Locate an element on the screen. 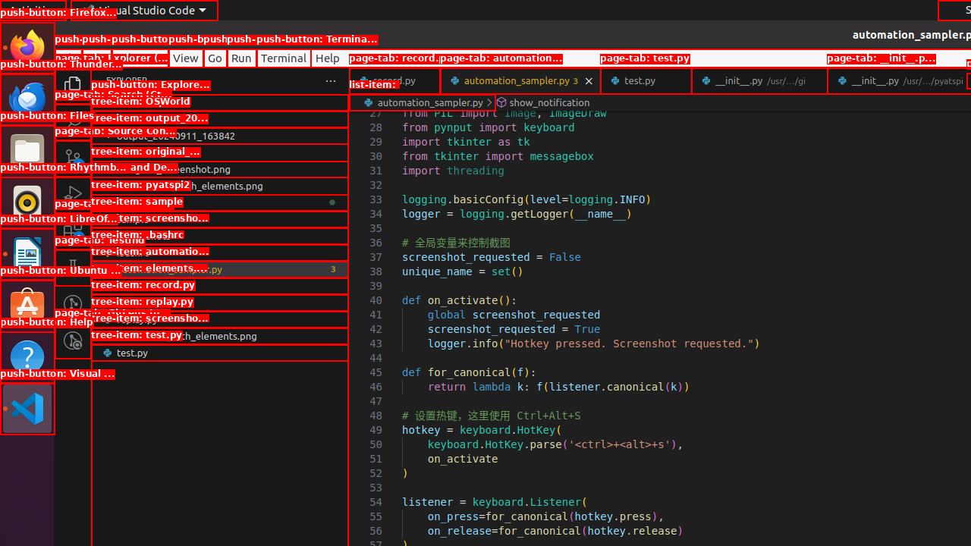  'original_screenshot.png' is located at coordinates (218, 168).